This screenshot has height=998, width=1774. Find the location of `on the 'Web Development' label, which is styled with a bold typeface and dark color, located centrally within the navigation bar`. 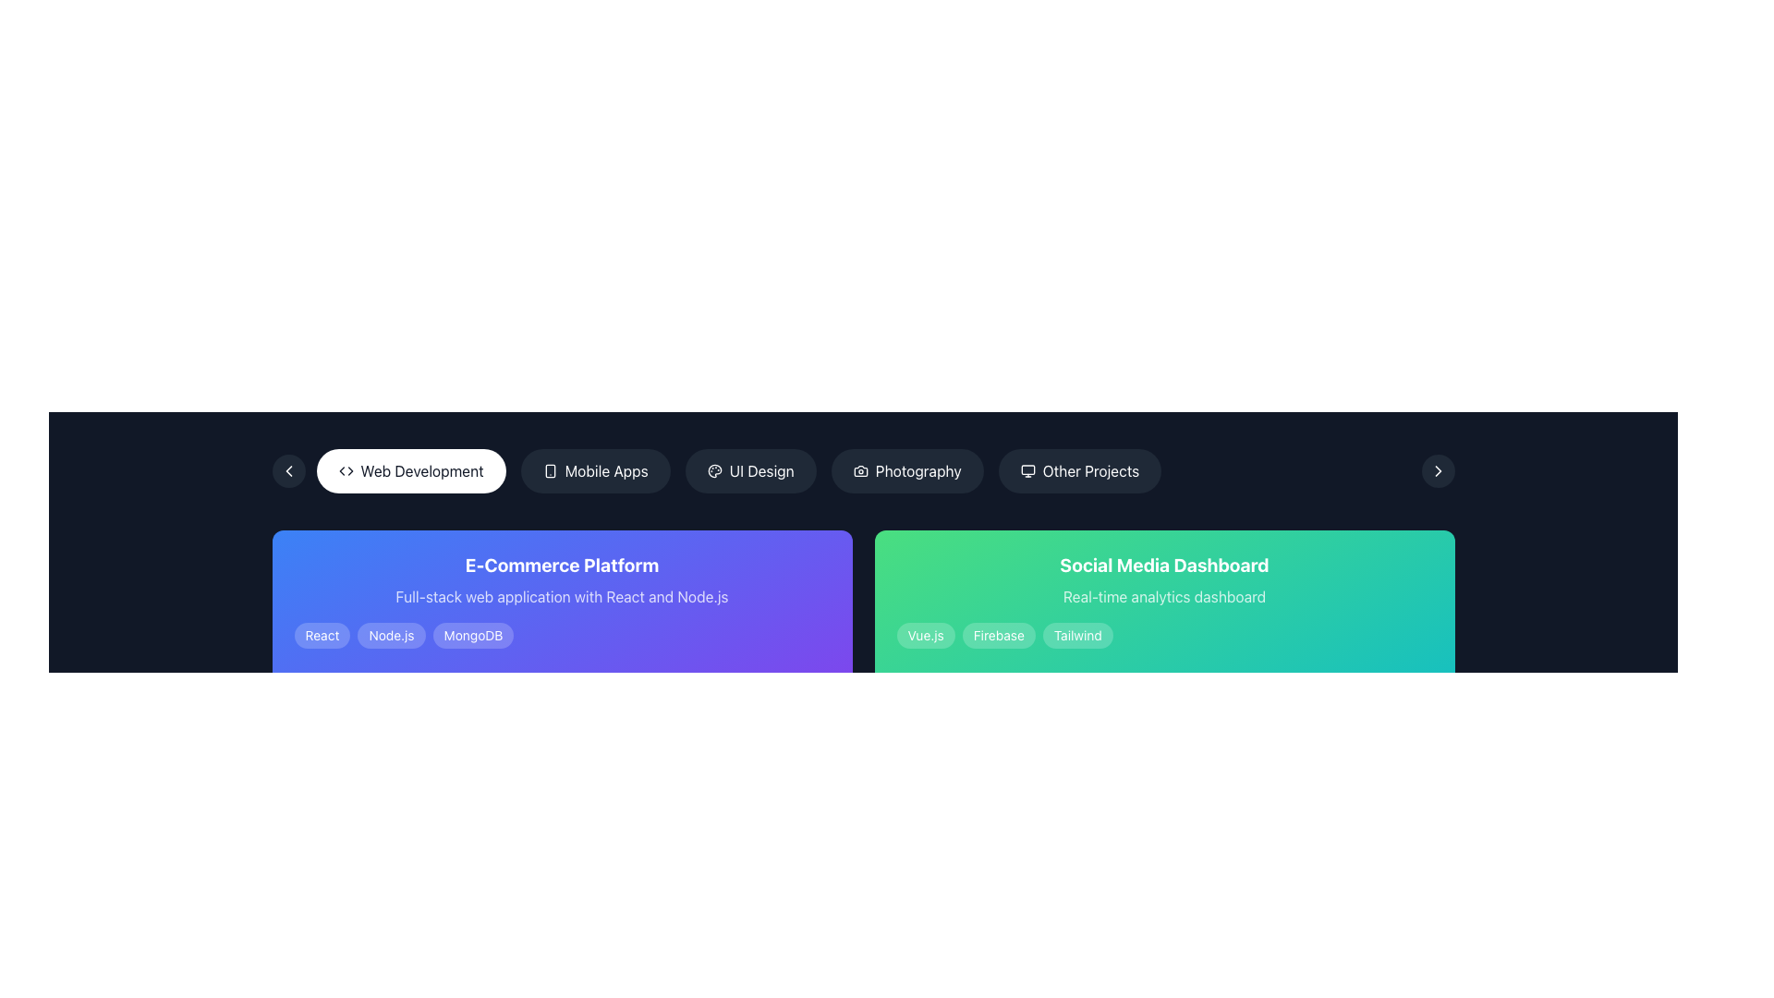

on the 'Web Development' label, which is styled with a bold typeface and dark color, located centrally within the navigation bar is located at coordinates (420, 469).